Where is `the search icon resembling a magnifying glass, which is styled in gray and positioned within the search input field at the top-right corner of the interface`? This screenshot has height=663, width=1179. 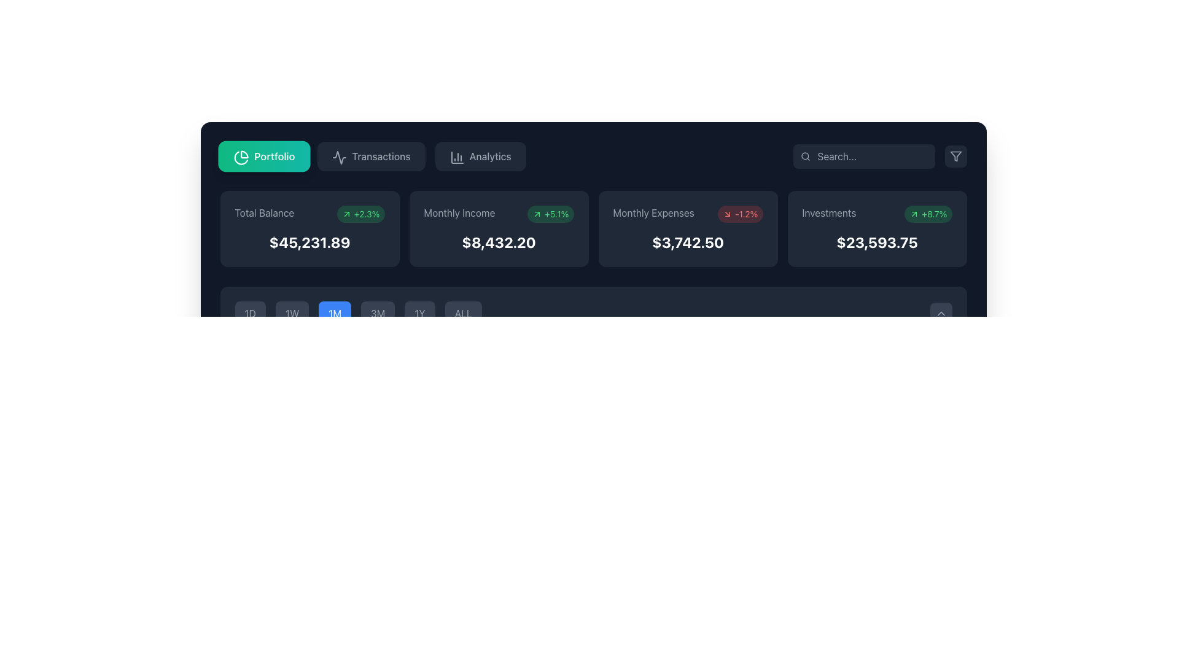
the search icon resembling a magnifying glass, which is styled in gray and positioned within the search input field at the top-right corner of the interface is located at coordinates (805, 155).